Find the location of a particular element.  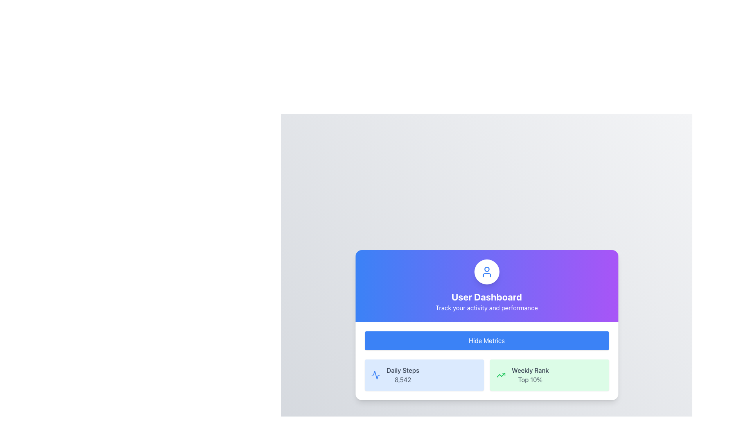

the Text Display that indicates the top 10% percentile, located in the lower-right section of the card below the 'Hide Metrics' button and adjacent to the 'Daily Steps' card is located at coordinates (530, 375).